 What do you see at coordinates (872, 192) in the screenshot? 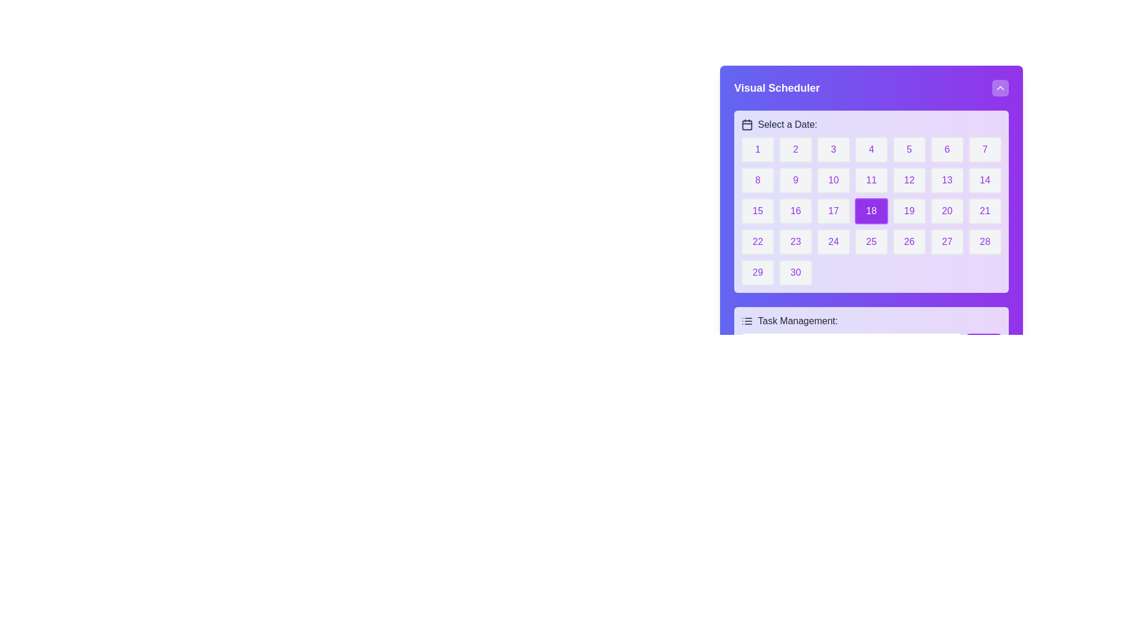
I see `the square button displaying '18' in the calendar grid under 'Visual Scheduler'` at bounding box center [872, 192].